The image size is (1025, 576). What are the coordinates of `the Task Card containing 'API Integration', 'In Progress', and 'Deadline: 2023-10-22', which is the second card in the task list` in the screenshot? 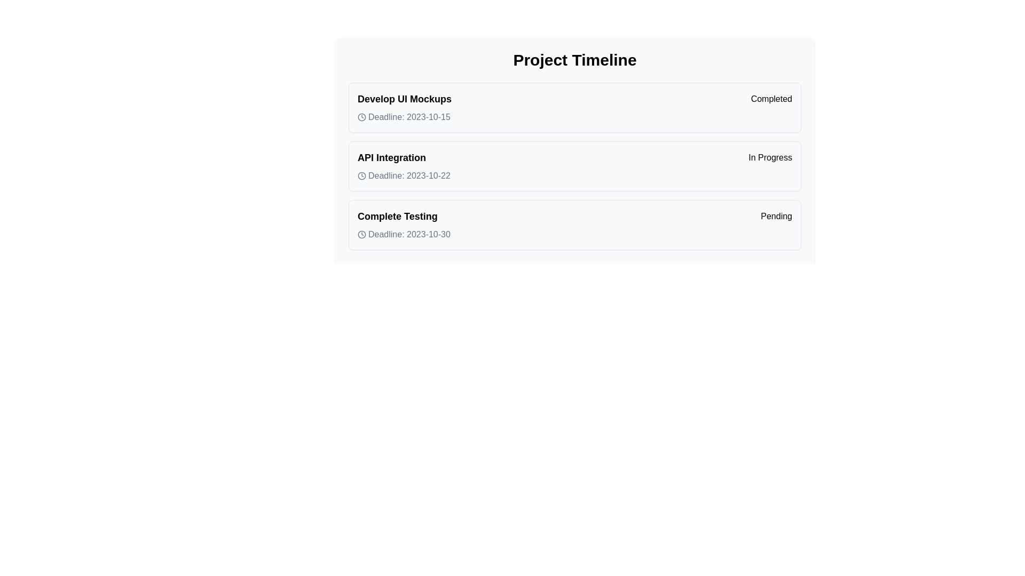 It's located at (574, 166).